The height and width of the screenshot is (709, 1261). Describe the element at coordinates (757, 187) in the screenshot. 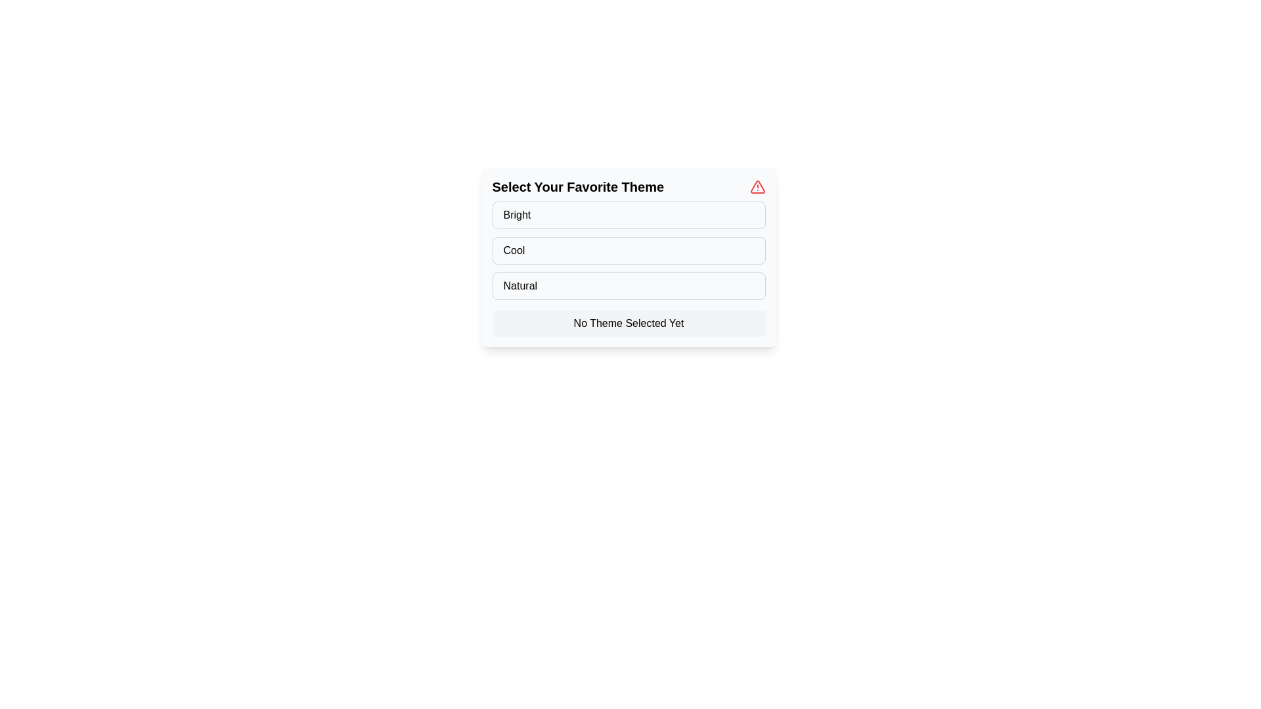

I see `the warning icon located at the top right corner of the 'Select Your Favorite Theme' section` at that location.